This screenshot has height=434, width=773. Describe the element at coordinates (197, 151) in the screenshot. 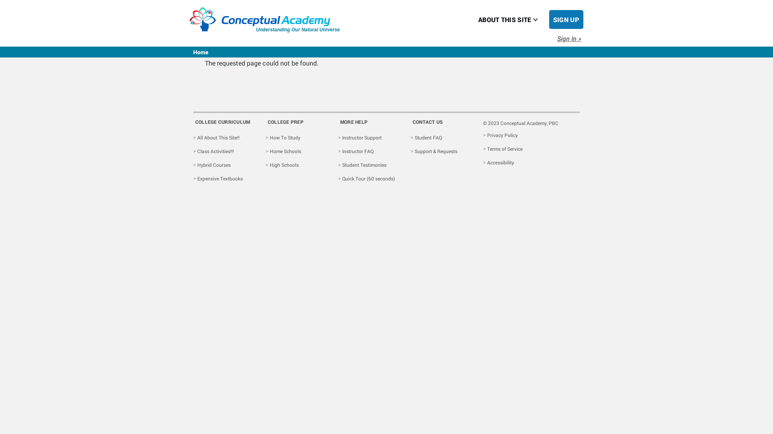

I see `'Class Activities!!!'` at that location.